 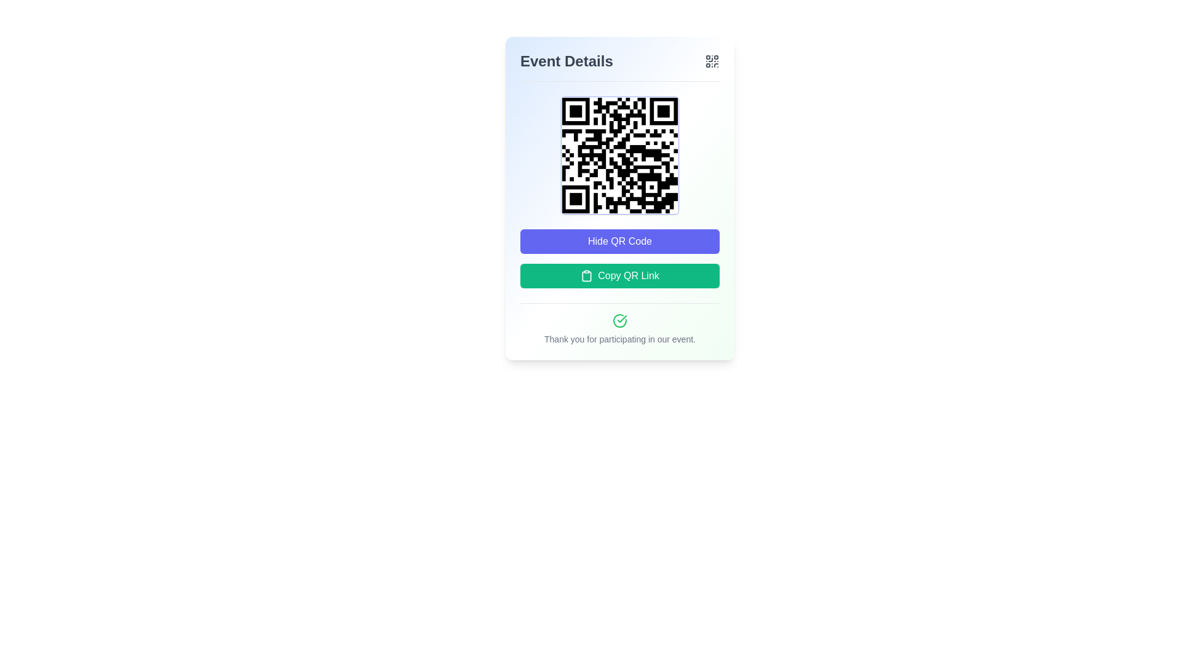 What do you see at coordinates (620, 275) in the screenshot?
I see `the 'Copy QR Link' button, which has a green background and white text, to copy the QR code link` at bounding box center [620, 275].